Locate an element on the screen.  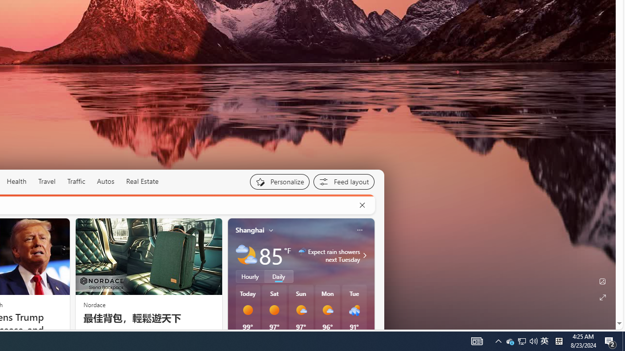
'My location' is located at coordinates (271, 230).